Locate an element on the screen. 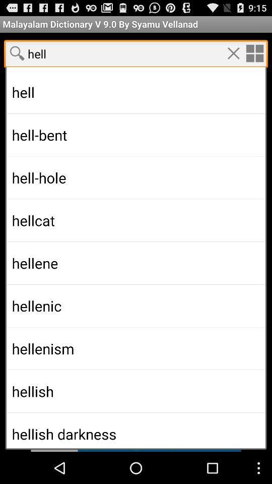 The image size is (272, 484). options is located at coordinates (254, 53).